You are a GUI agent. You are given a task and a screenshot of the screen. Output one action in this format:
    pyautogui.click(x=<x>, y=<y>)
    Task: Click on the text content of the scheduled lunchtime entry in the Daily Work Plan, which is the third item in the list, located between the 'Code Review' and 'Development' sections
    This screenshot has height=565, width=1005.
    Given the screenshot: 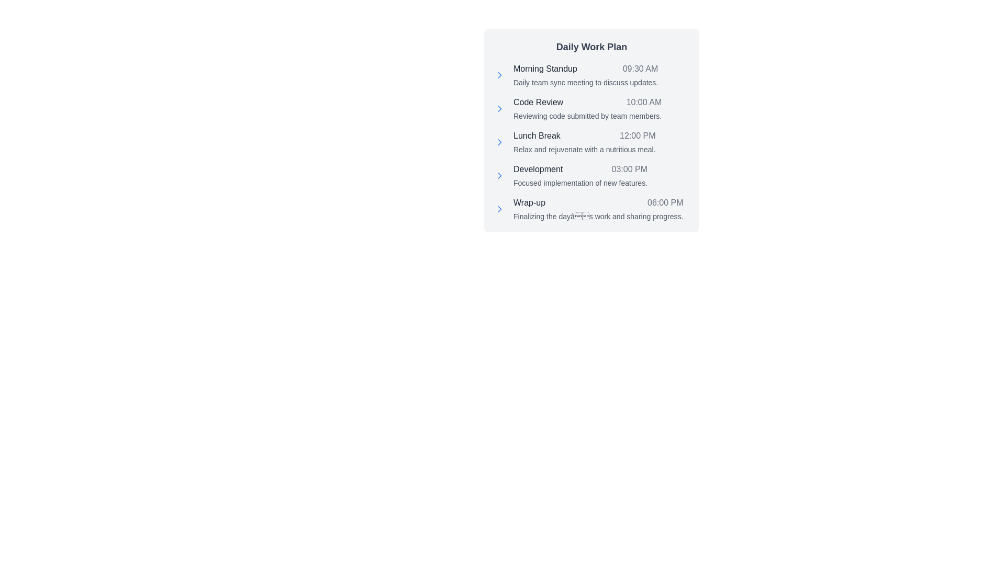 What is the action you would take?
    pyautogui.click(x=584, y=142)
    